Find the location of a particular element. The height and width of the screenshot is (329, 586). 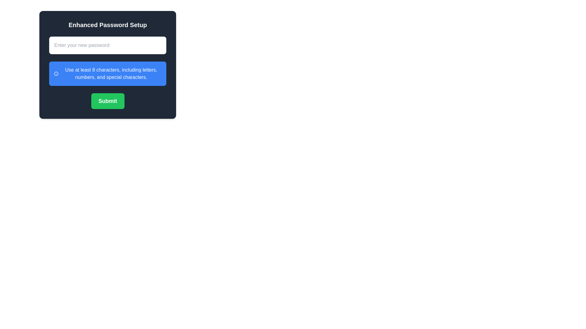

the green rectangular 'Submit' button at the bottom of the password setup form is located at coordinates (108, 101).